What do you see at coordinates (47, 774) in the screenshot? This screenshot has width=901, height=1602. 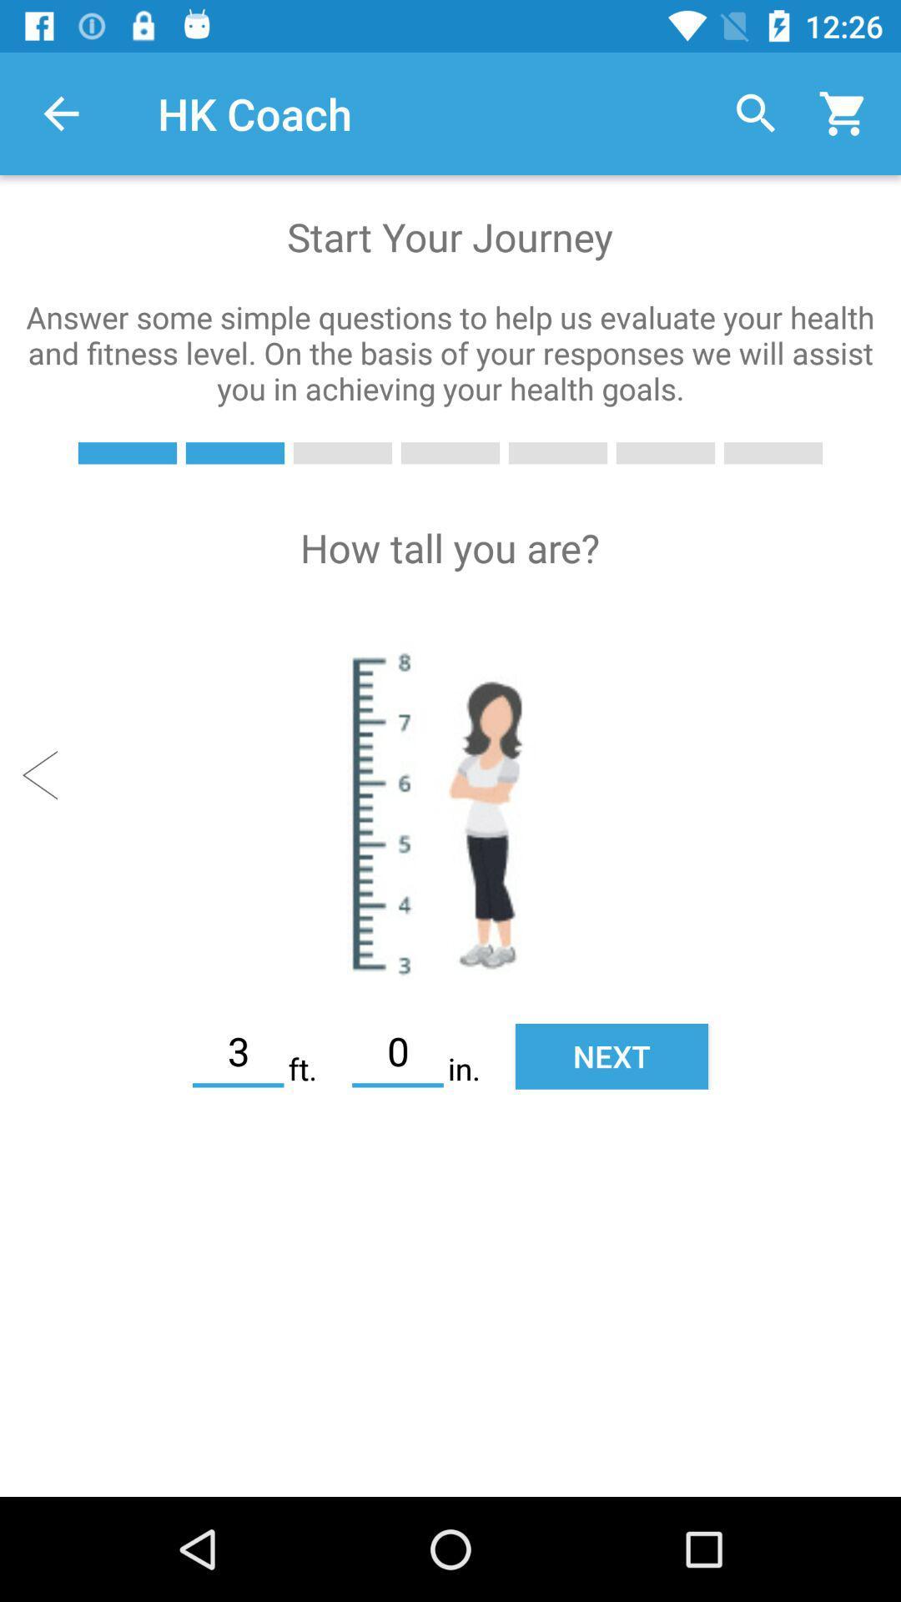 I see `the arrow_backward icon` at bounding box center [47, 774].